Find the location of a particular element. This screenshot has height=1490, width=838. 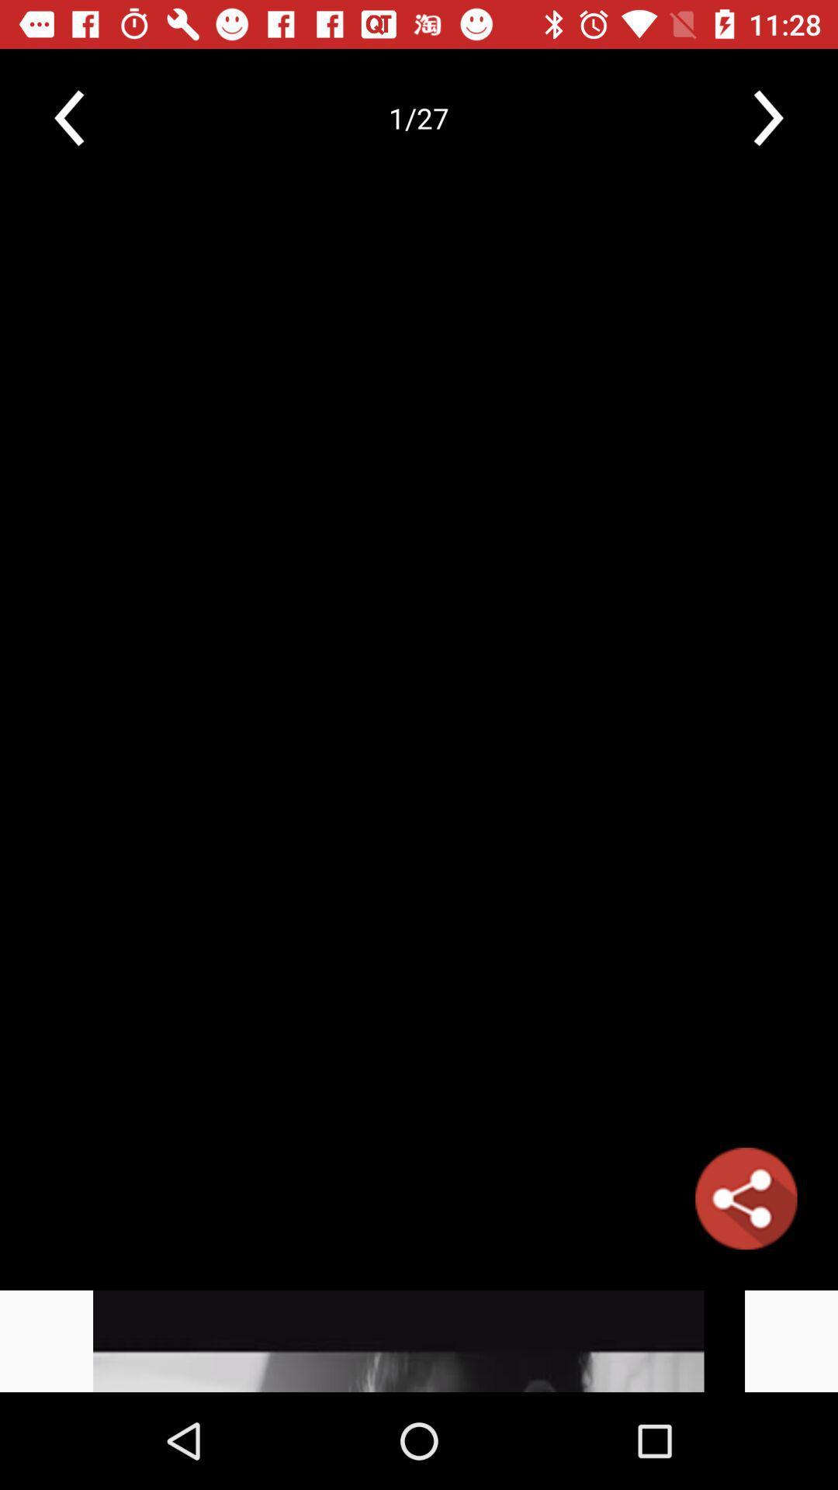

the arrow_forward icon is located at coordinates (768, 117).